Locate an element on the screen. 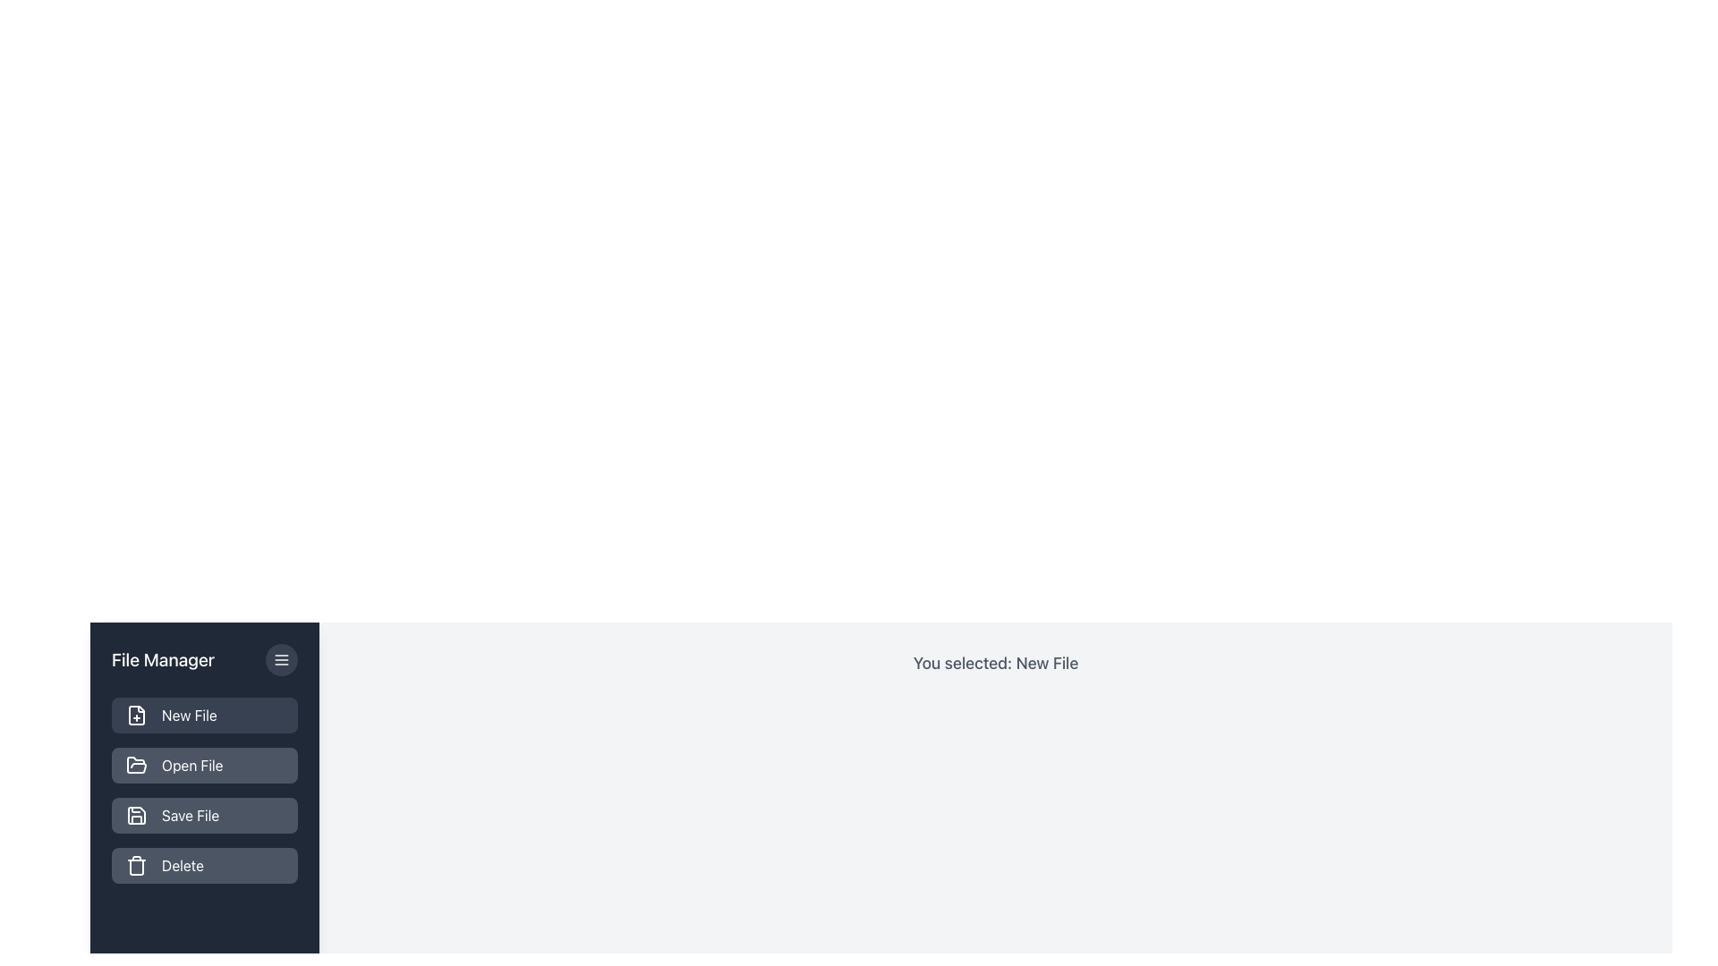 The width and height of the screenshot is (1718, 966). the 'Open File' icon located at the top-left corner of the left-hand navigation panel, which is represented as a vector graphic is located at coordinates (136, 765).